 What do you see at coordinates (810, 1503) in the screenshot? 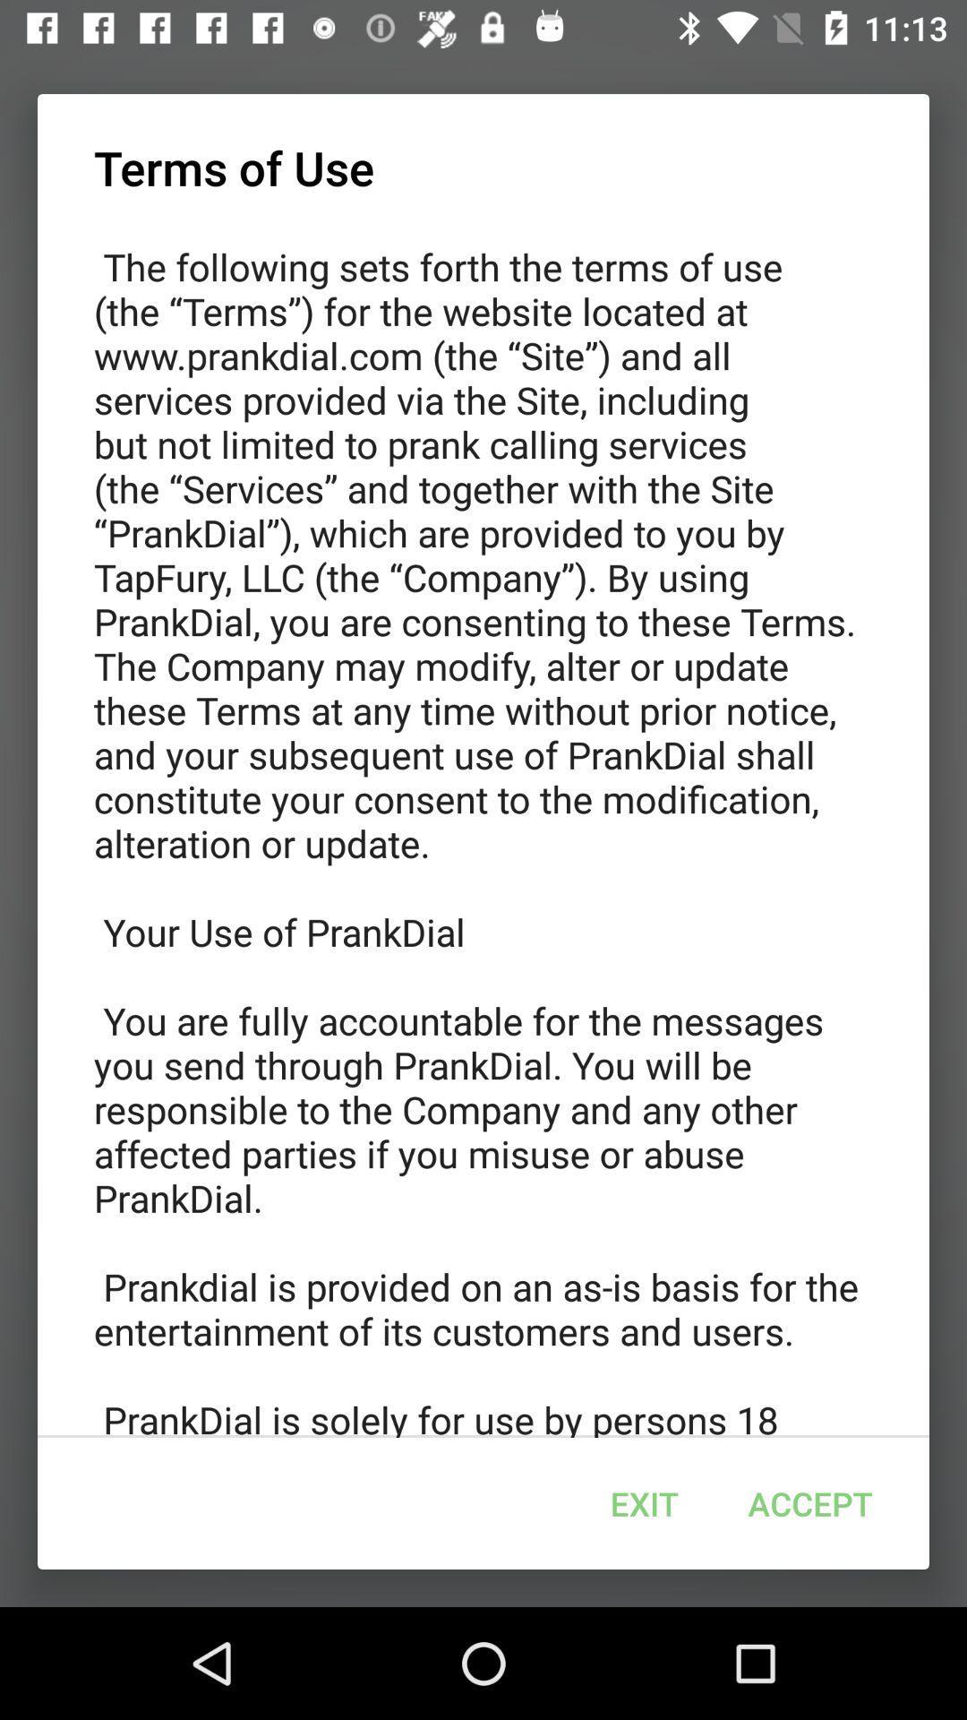
I see `item below the following sets item` at bounding box center [810, 1503].